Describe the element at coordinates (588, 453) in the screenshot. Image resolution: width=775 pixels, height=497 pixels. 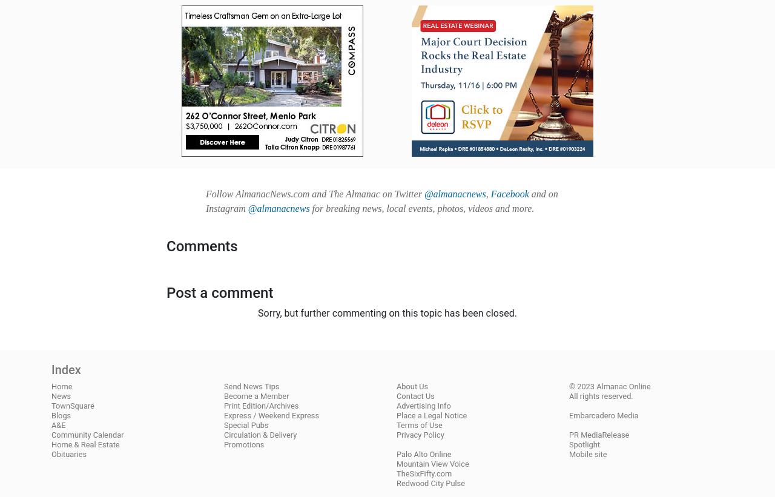
I see `'Mobile site'` at that location.